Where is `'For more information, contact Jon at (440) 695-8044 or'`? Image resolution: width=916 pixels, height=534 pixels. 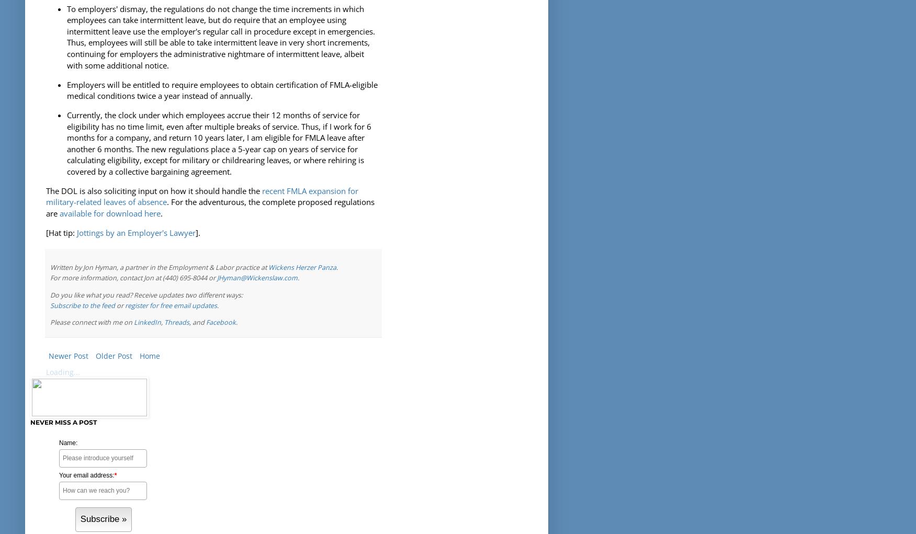
'For more information, contact Jon at (440) 695-8044 or' is located at coordinates (133, 277).